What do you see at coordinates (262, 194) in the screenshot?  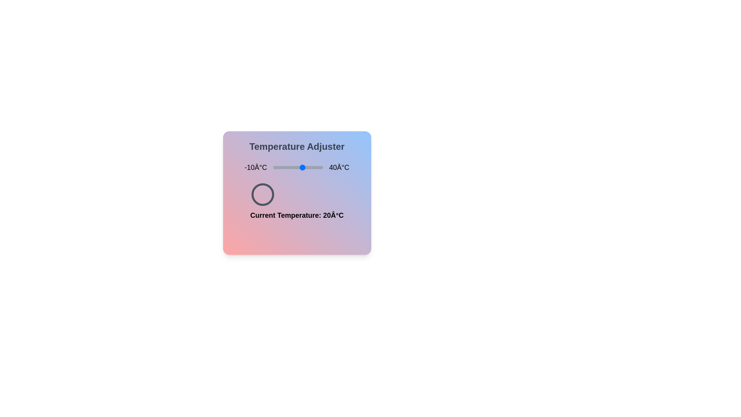 I see `the circle icon` at bounding box center [262, 194].